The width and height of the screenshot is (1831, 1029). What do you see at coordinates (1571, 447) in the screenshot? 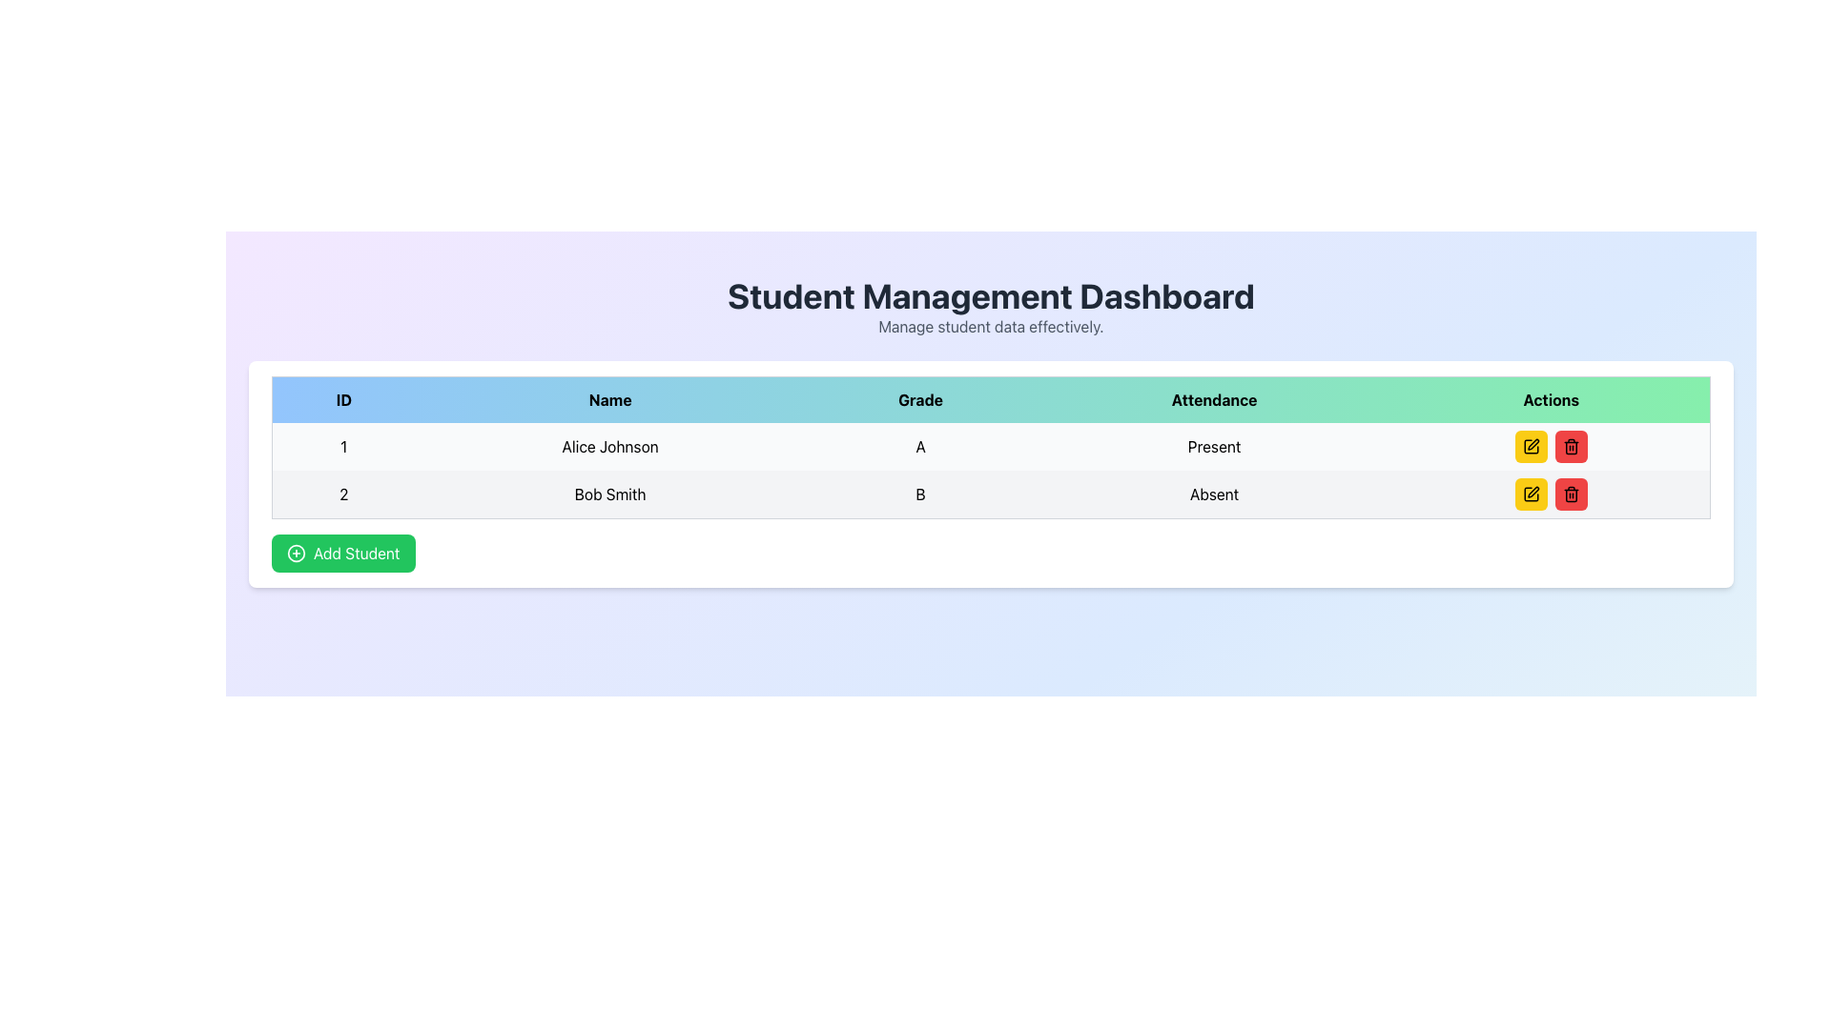
I see `the delete button with a red background and a trash can icon in the 'Actions' column of the second row for 'Bob Smith'` at bounding box center [1571, 447].